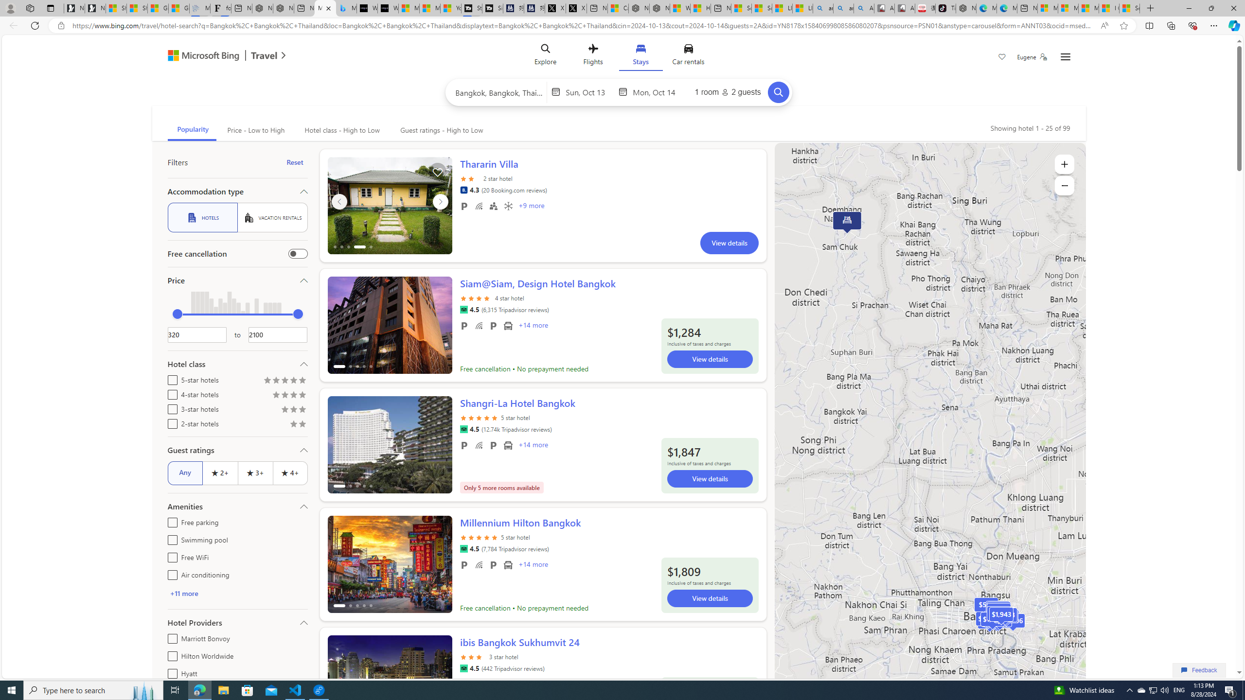  What do you see at coordinates (904, 8) in the screenshot?
I see `'All Cubot phones'` at bounding box center [904, 8].